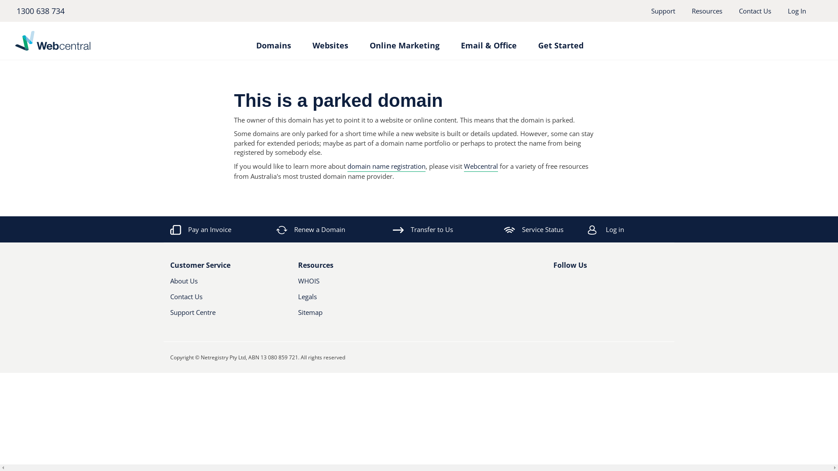 This screenshot has width=838, height=471. What do you see at coordinates (255, 41) in the screenshot?
I see `'Domains'` at bounding box center [255, 41].